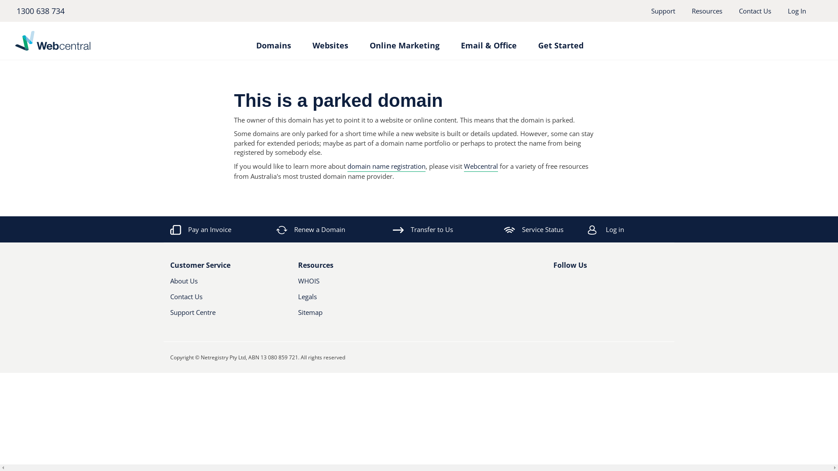 This screenshot has width=838, height=471. What do you see at coordinates (255, 41) in the screenshot?
I see `'Domains'` at bounding box center [255, 41].